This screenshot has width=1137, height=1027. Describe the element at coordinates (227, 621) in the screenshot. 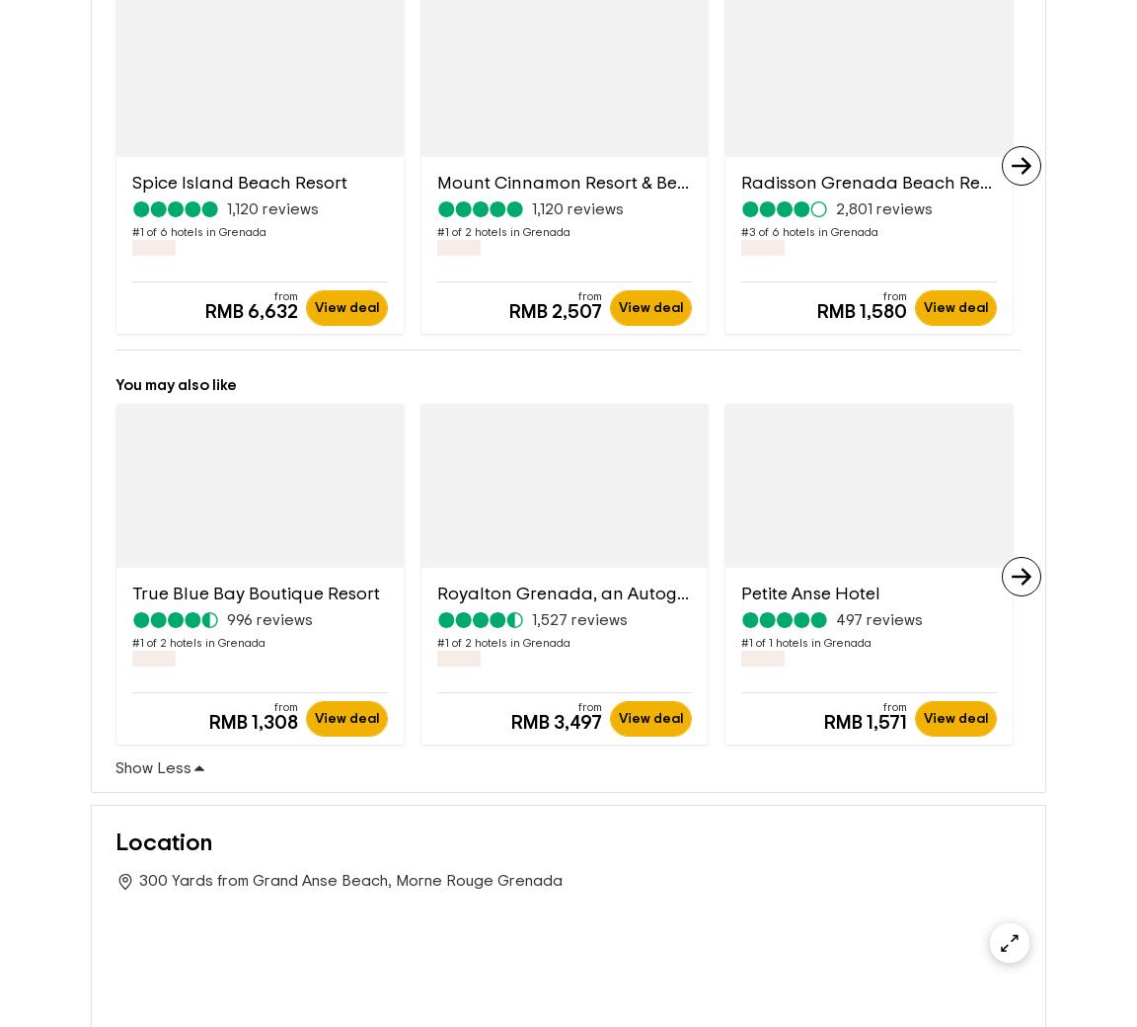

I see `'996'` at that location.